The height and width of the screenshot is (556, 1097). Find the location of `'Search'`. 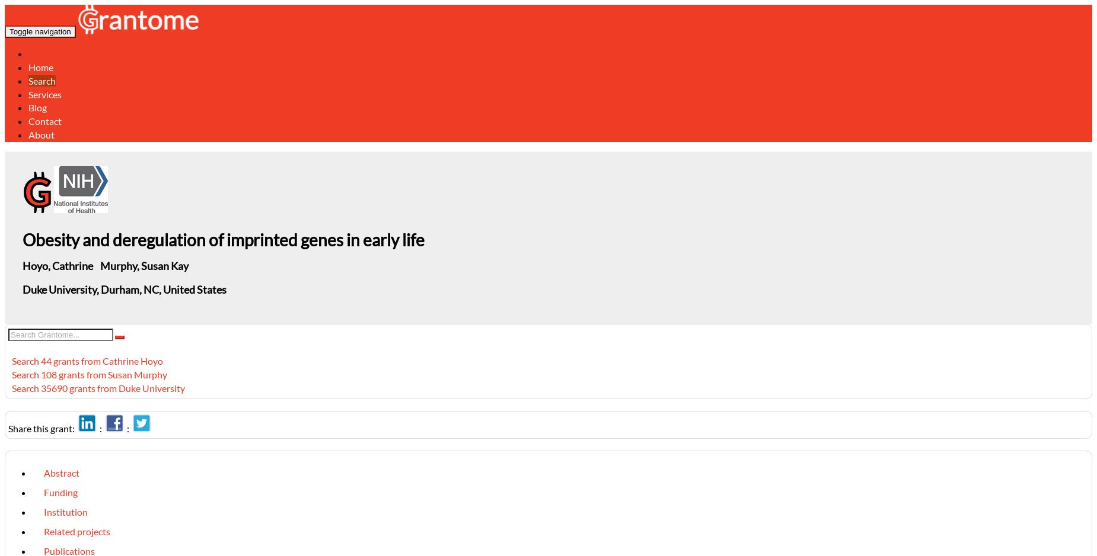

'Search' is located at coordinates (42, 79).